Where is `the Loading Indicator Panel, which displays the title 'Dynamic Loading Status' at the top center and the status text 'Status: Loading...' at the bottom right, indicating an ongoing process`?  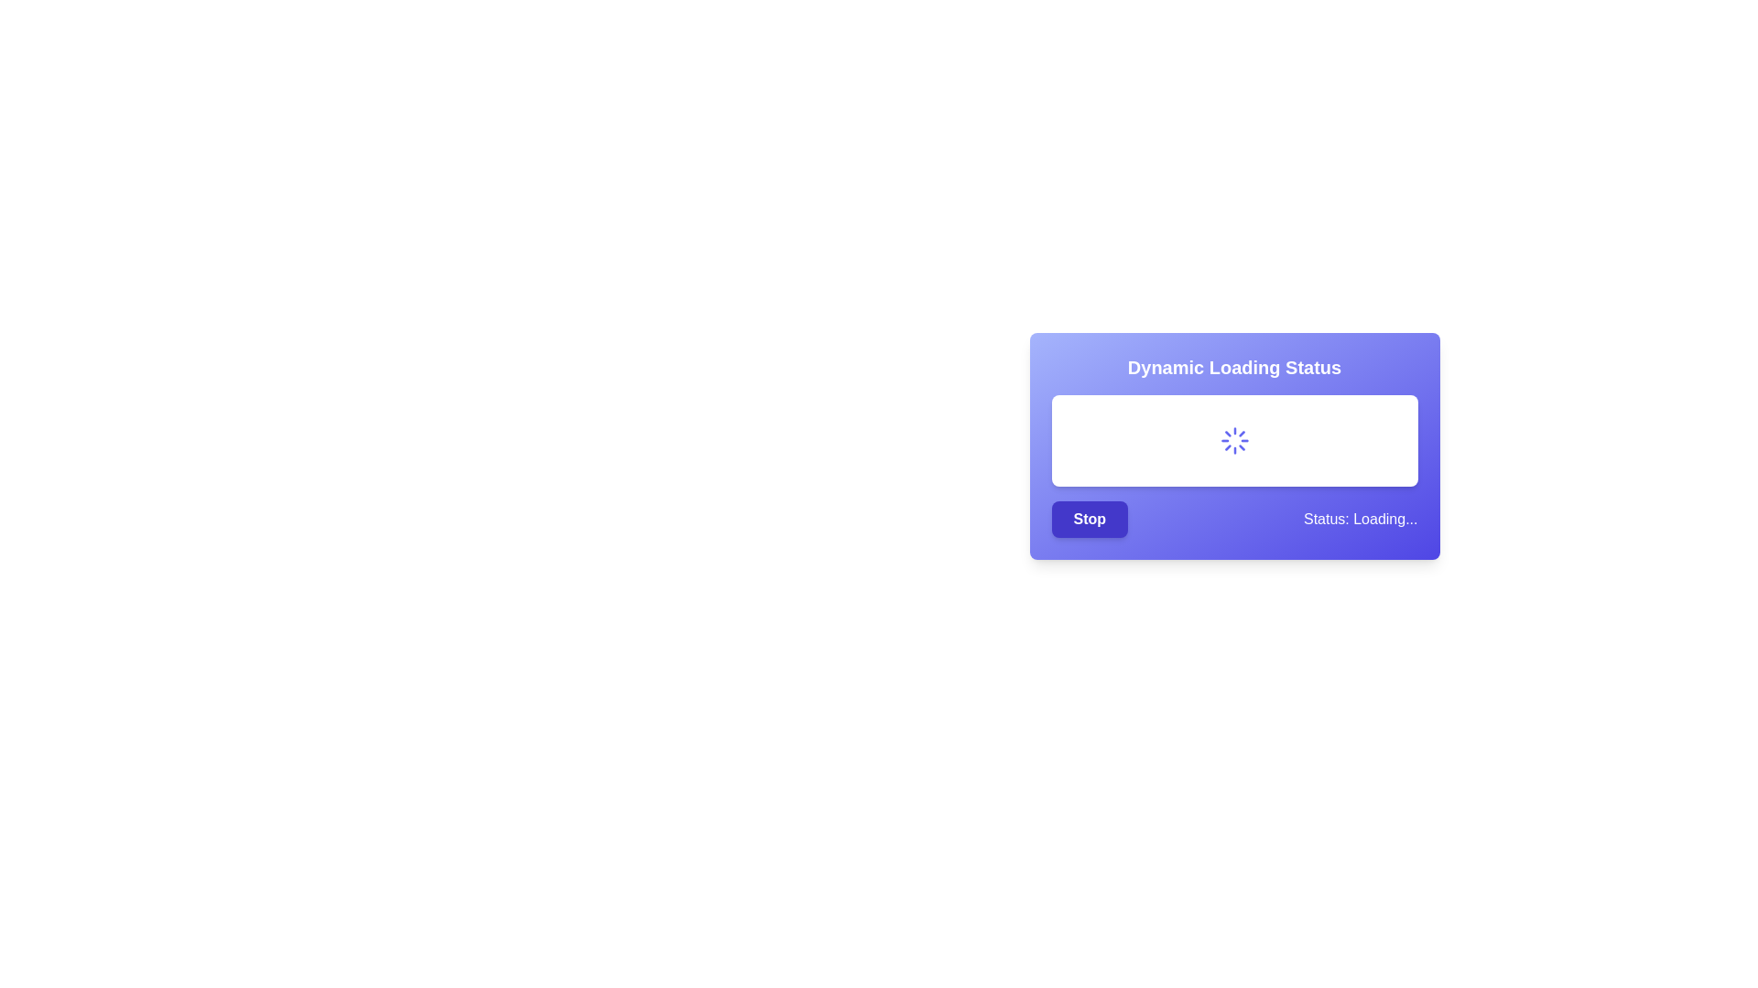 the Loading Indicator Panel, which displays the title 'Dynamic Loading Status' at the top center and the status text 'Status: Loading...' at the bottom right, indicating an ongoing process is located at coordinates (1234, 446).